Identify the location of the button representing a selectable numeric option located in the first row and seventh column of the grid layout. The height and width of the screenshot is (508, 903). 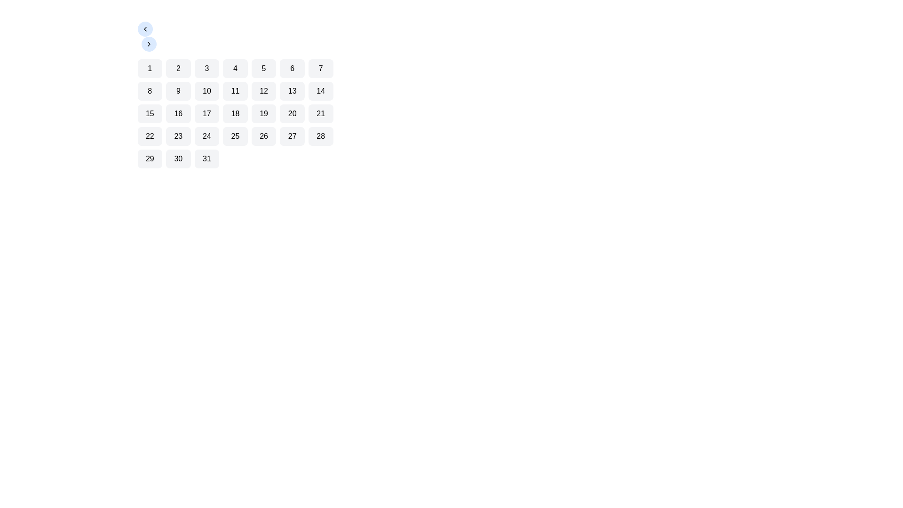
(321, 68).